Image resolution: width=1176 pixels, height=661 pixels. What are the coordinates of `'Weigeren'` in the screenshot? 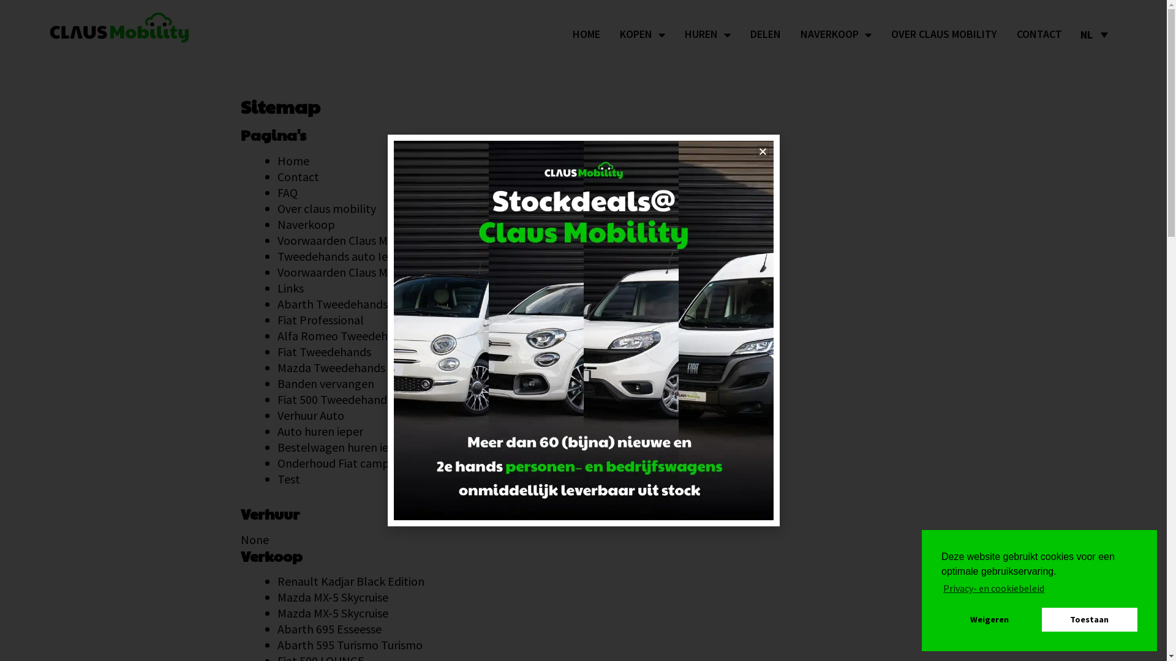 It's located at (940, 619).